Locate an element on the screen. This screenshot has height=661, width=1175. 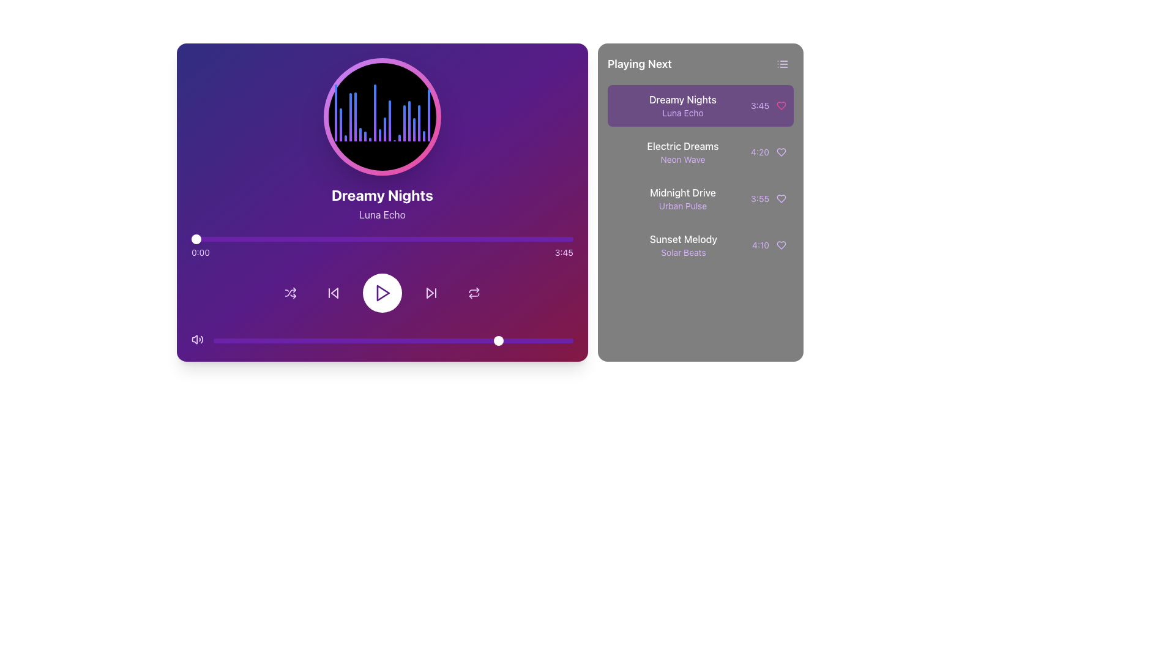
the static text label displaying 'Electric Dreams' in the 'Playing Next' section, which is located below 'Dreamy Nights' and above 'Midnight Drive' is located at coordinates (682, 146).